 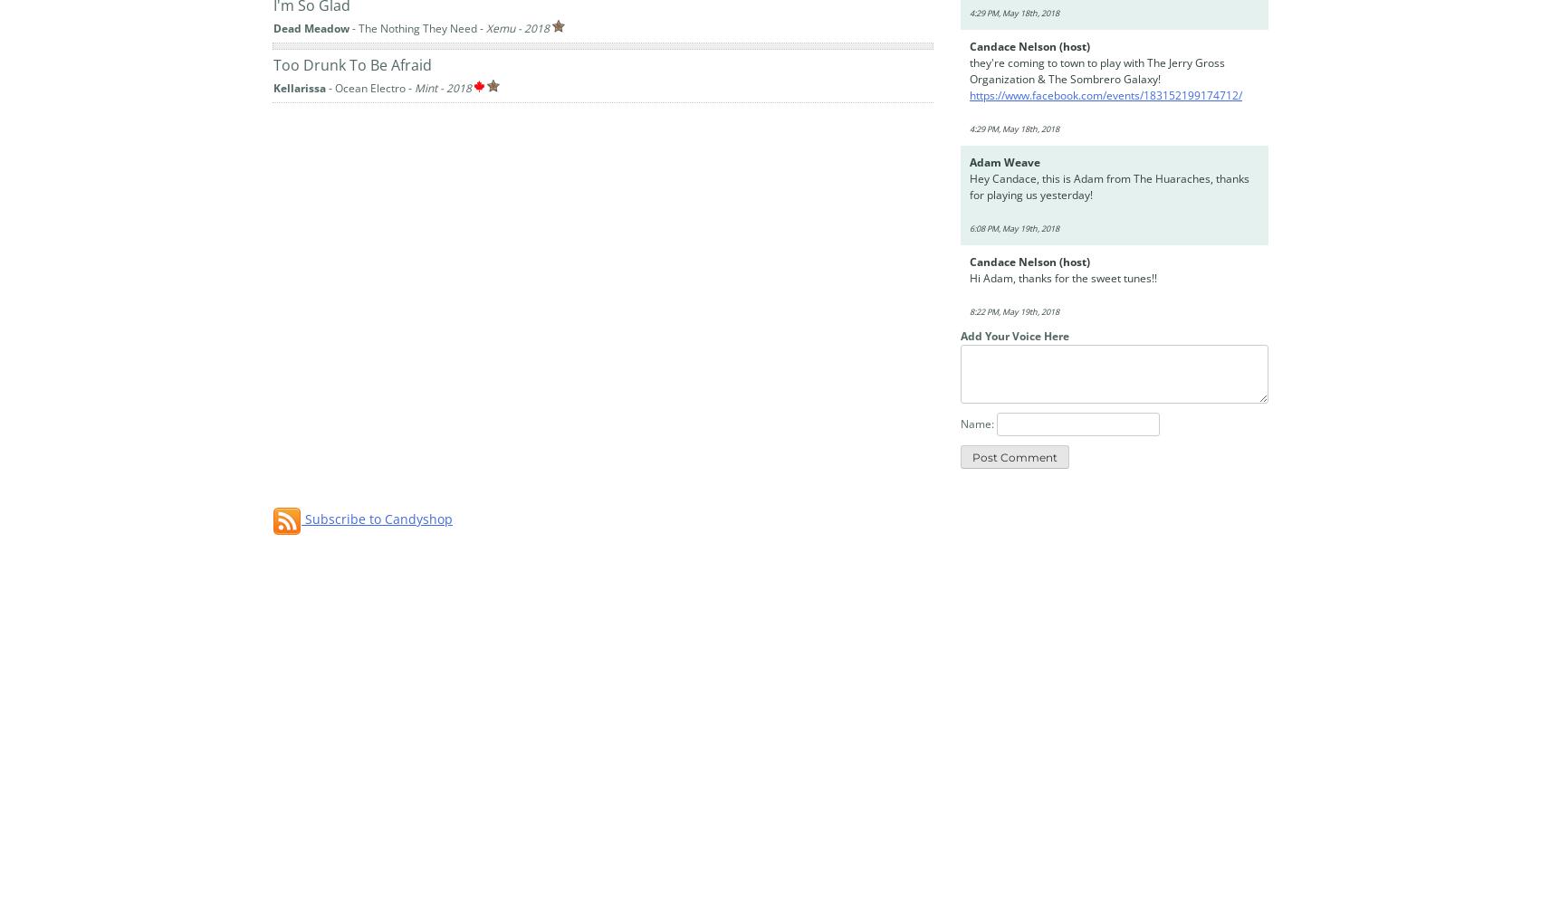 I want to click on 'Kellarissa', so click(x=273, y=86).